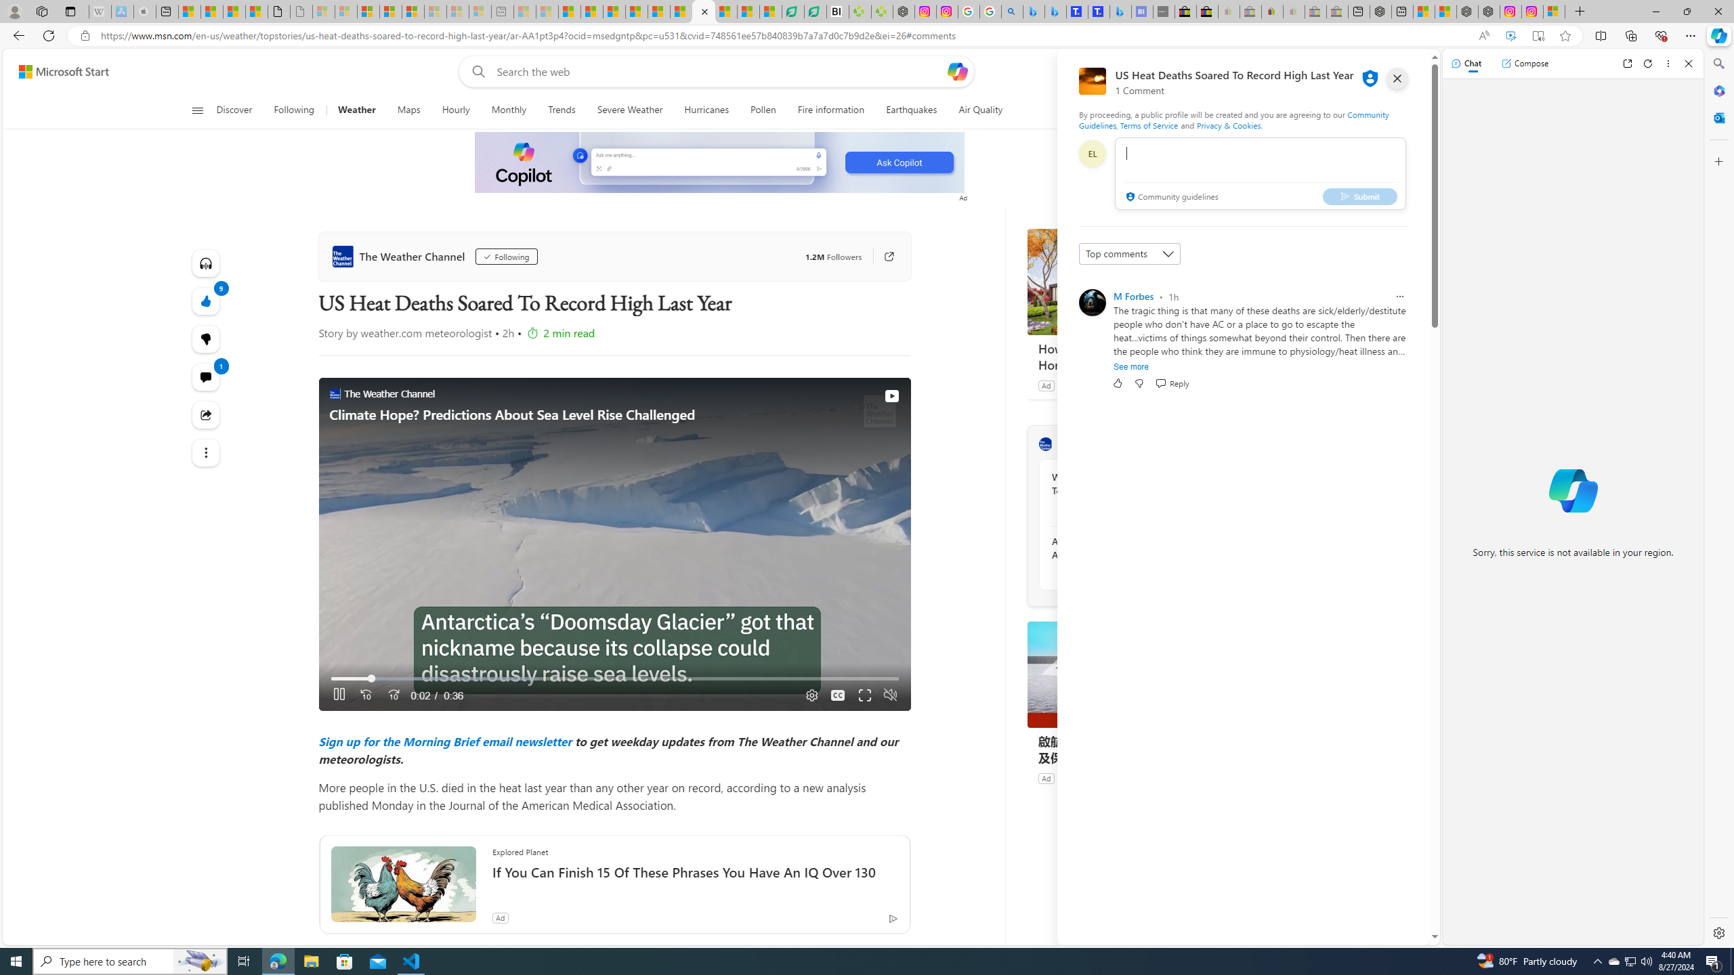  I want to click on 'Progress Bar', so click(614, 678).